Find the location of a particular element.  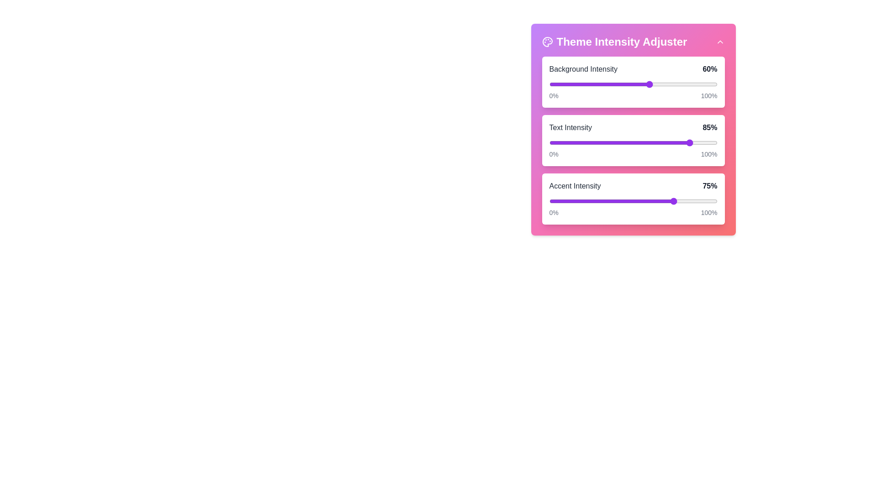

the accent intensity is located at coordinates (645, 200).